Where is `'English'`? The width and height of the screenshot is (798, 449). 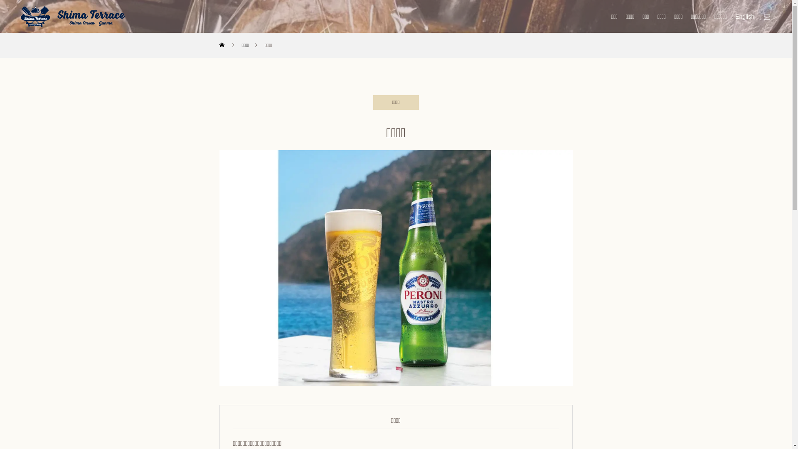 'English' is located at coordinates (744, 16).